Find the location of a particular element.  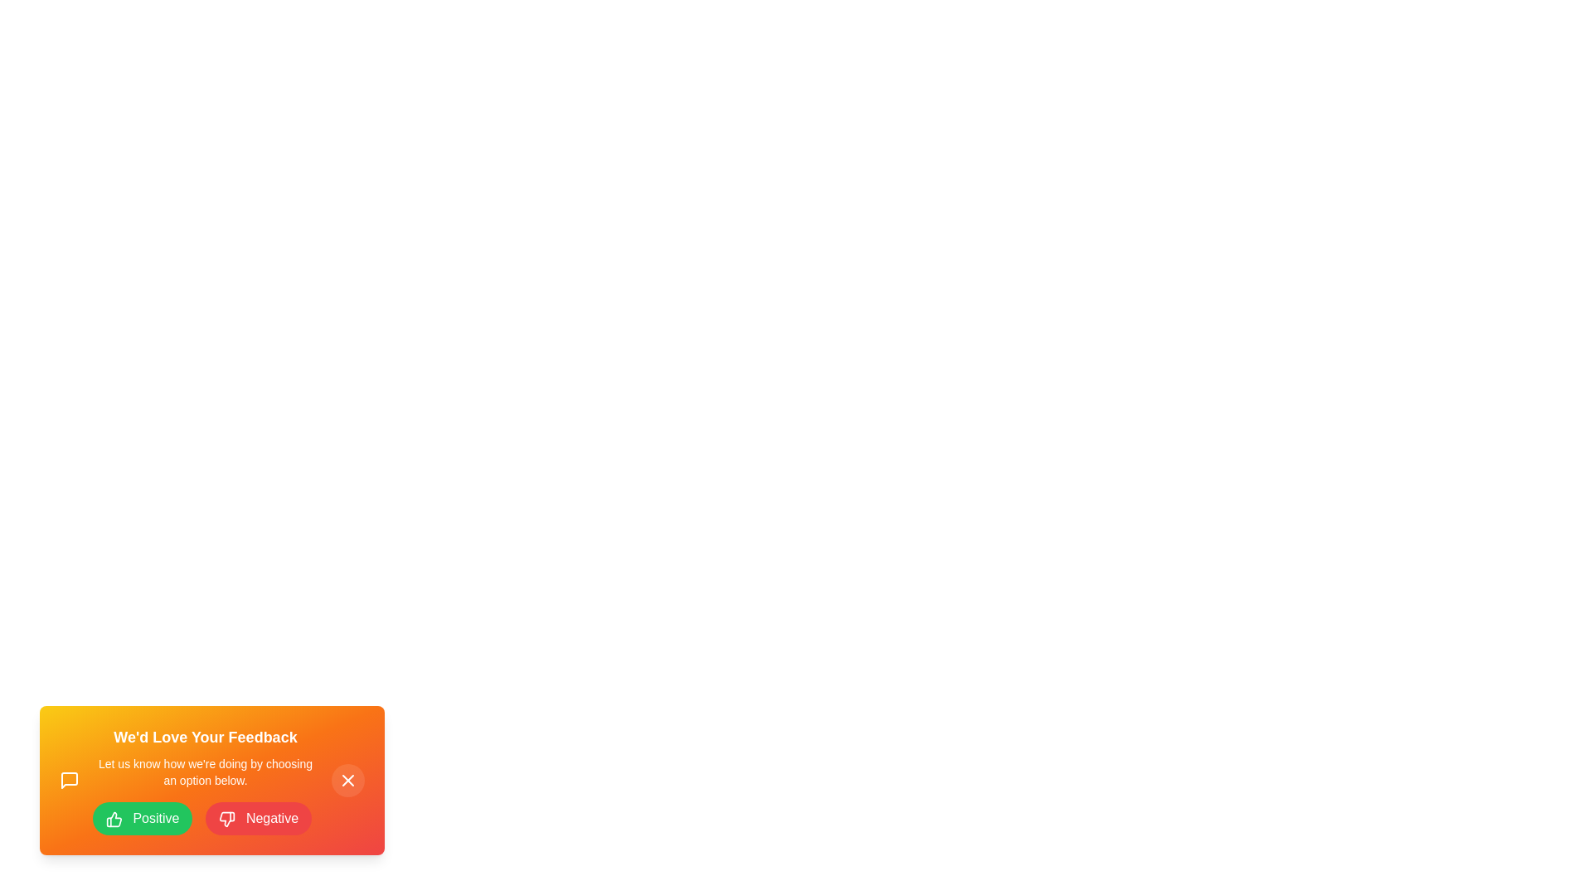

'Positive' button to provide positive feedback is located at coordinates (143, 817).